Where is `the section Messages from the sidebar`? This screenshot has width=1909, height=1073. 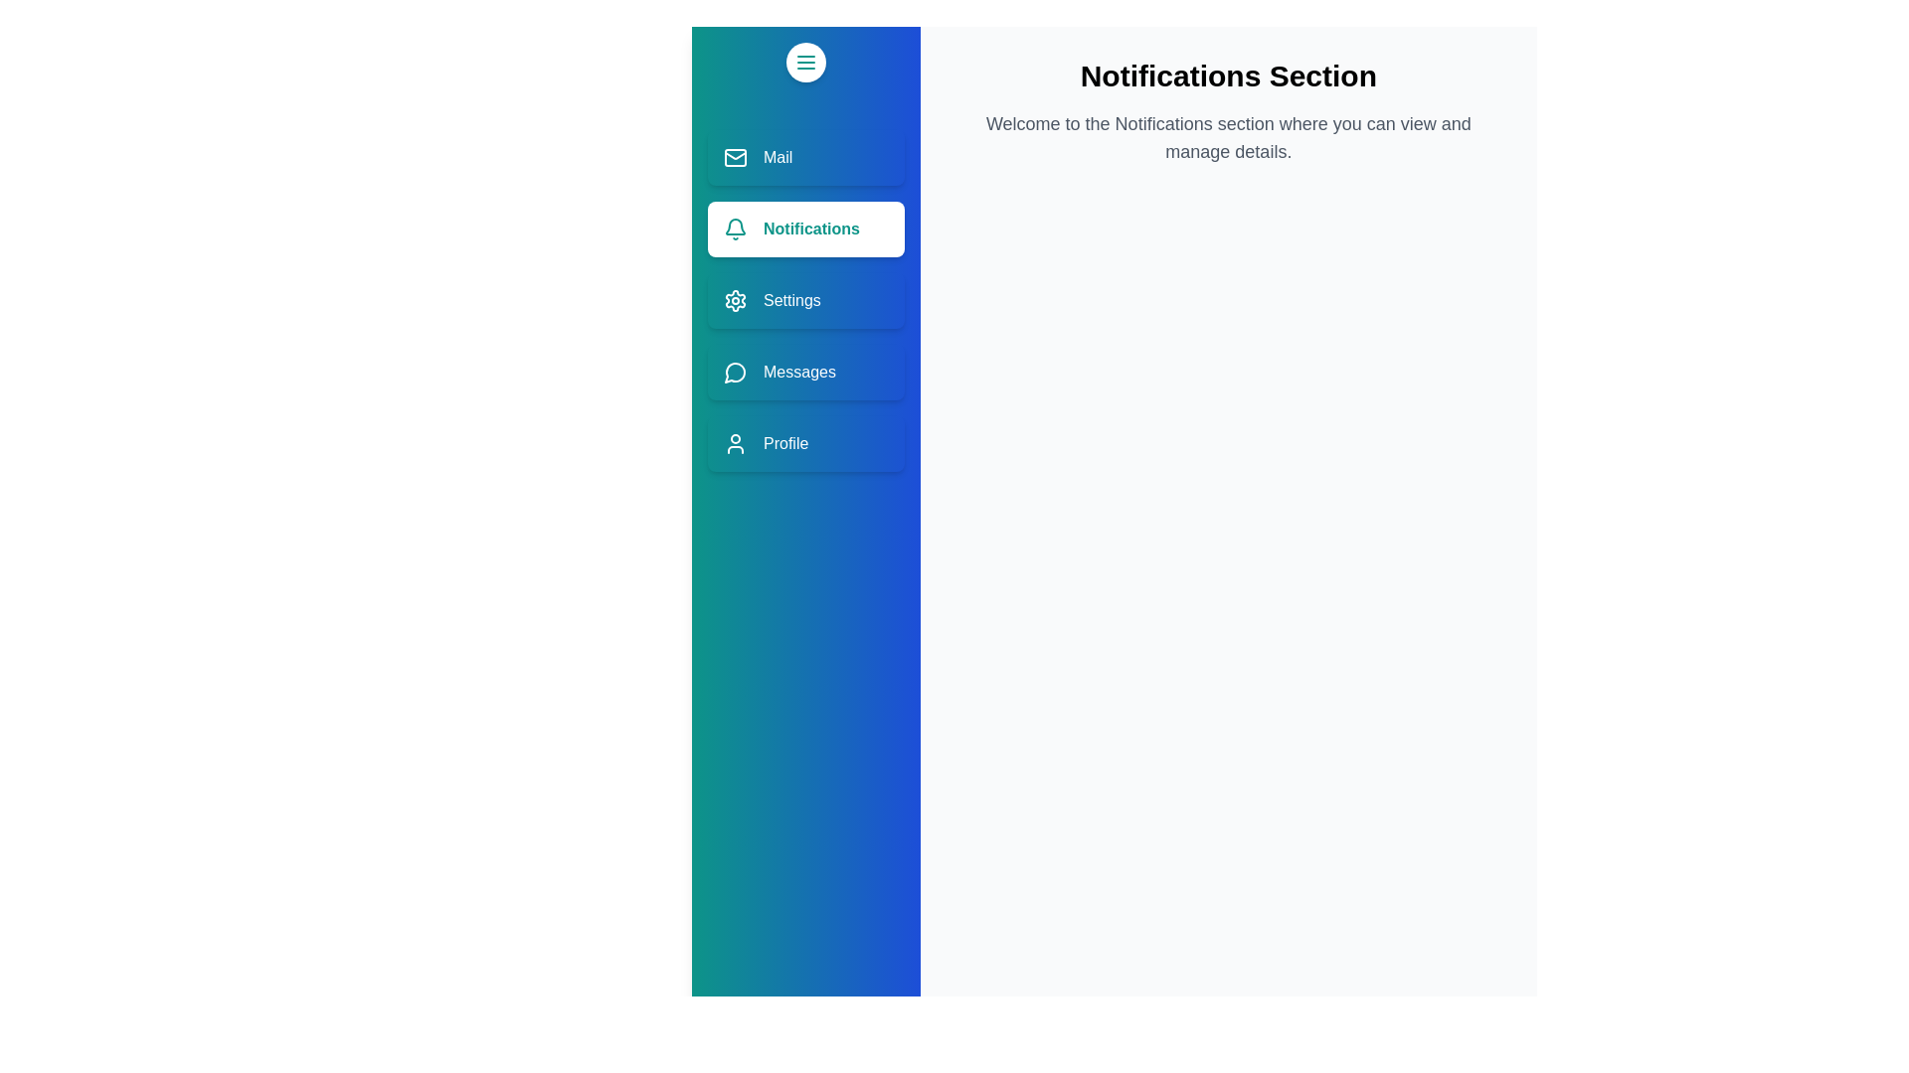
the section Messages from the sidebar is located at coordinates (805, 372).